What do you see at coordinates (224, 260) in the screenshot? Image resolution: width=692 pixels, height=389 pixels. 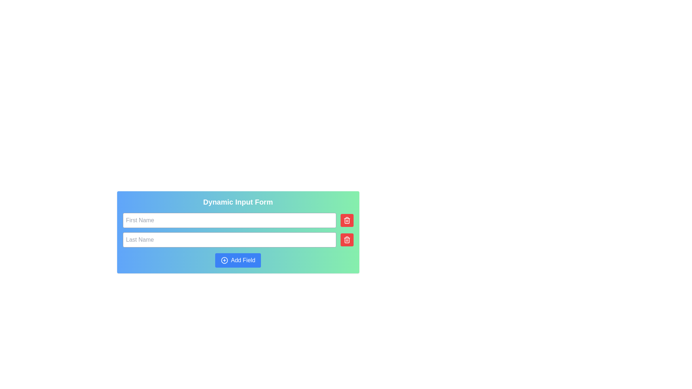 I see `the circular '+' icon with a blue background located to the left of the 'Add Field' button at the bottom center of the form` at bounding box center [224, 260].